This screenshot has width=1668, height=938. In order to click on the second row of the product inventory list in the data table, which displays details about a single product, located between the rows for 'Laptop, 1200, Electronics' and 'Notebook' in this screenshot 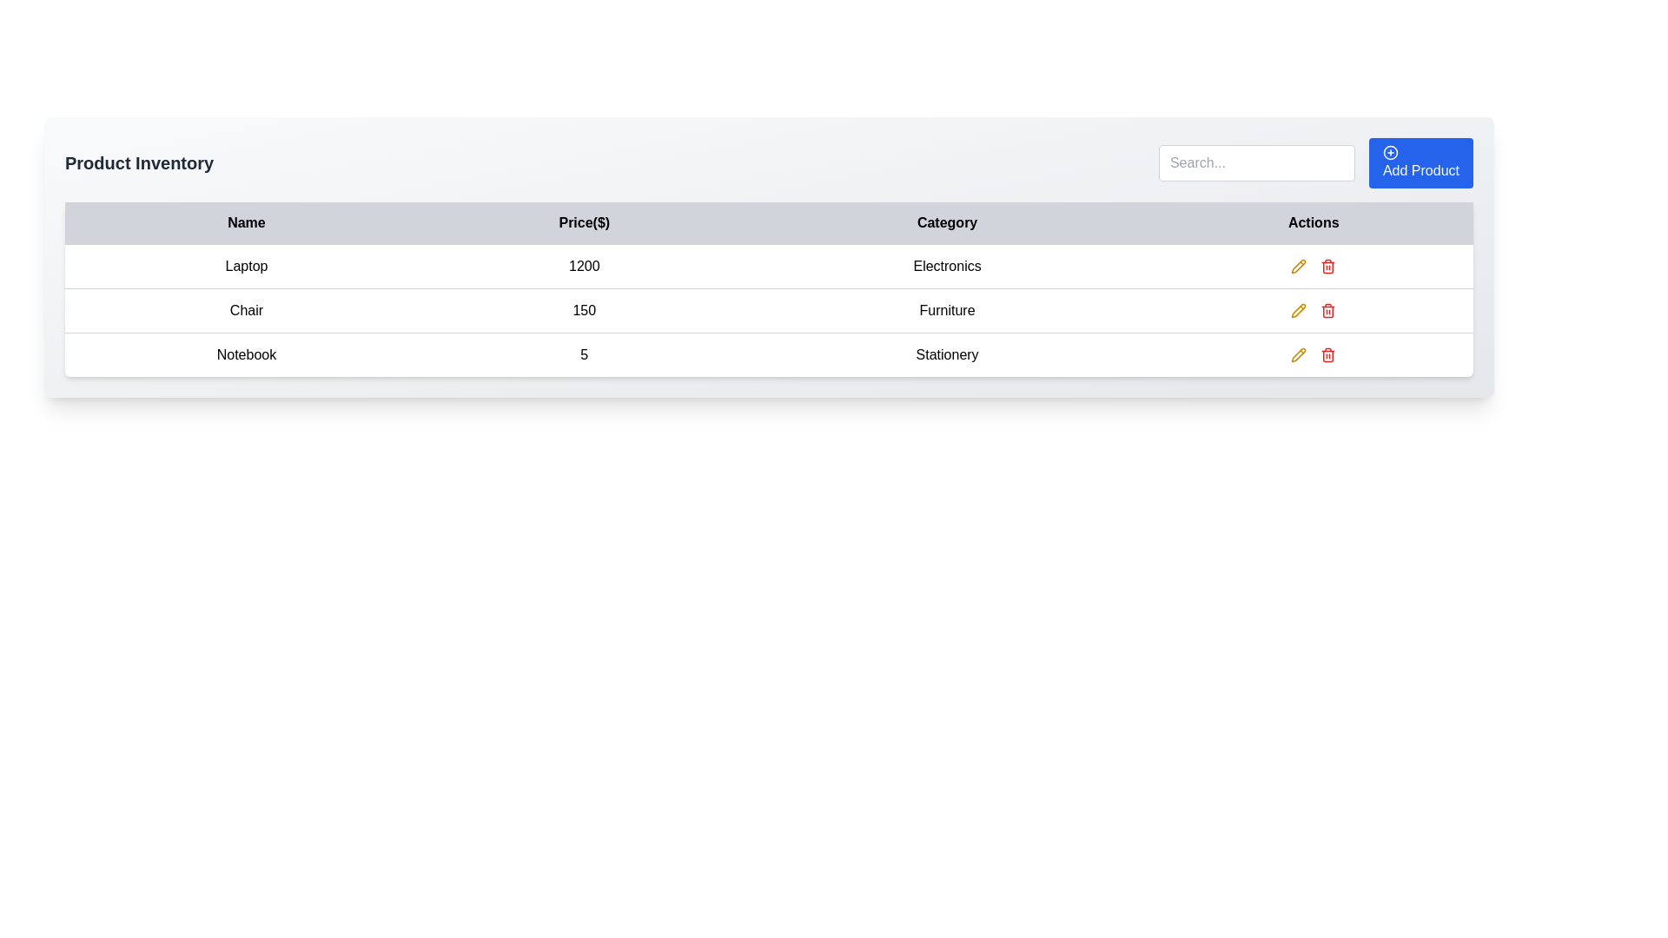, I will do `click(768, 310)`.